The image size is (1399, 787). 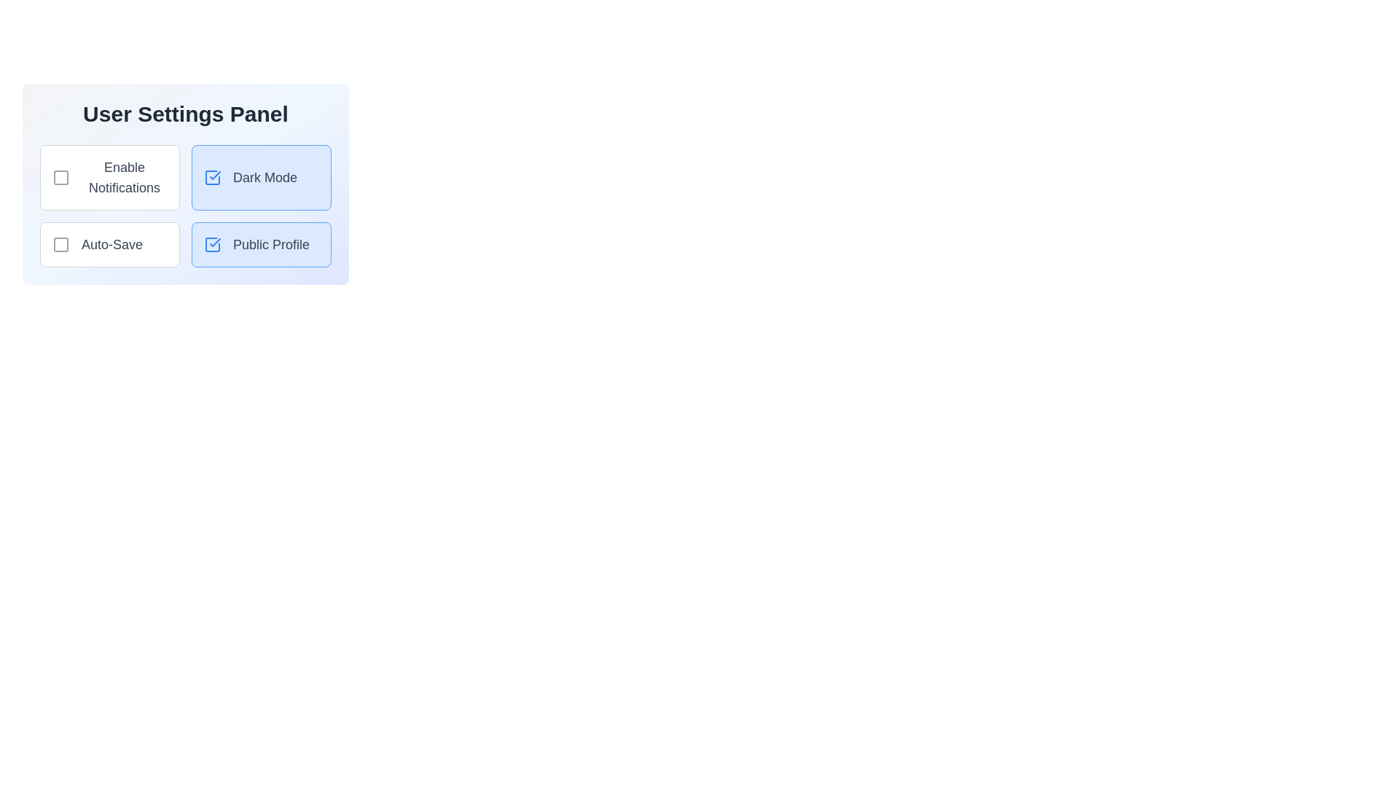 What do you see at coordinates (111, 243) in the screenshot?
I see `the informational text label for 'Auto-Save' located in the bottom-left quadrant of the User Settings Panel` at bounding box center [111, 243].